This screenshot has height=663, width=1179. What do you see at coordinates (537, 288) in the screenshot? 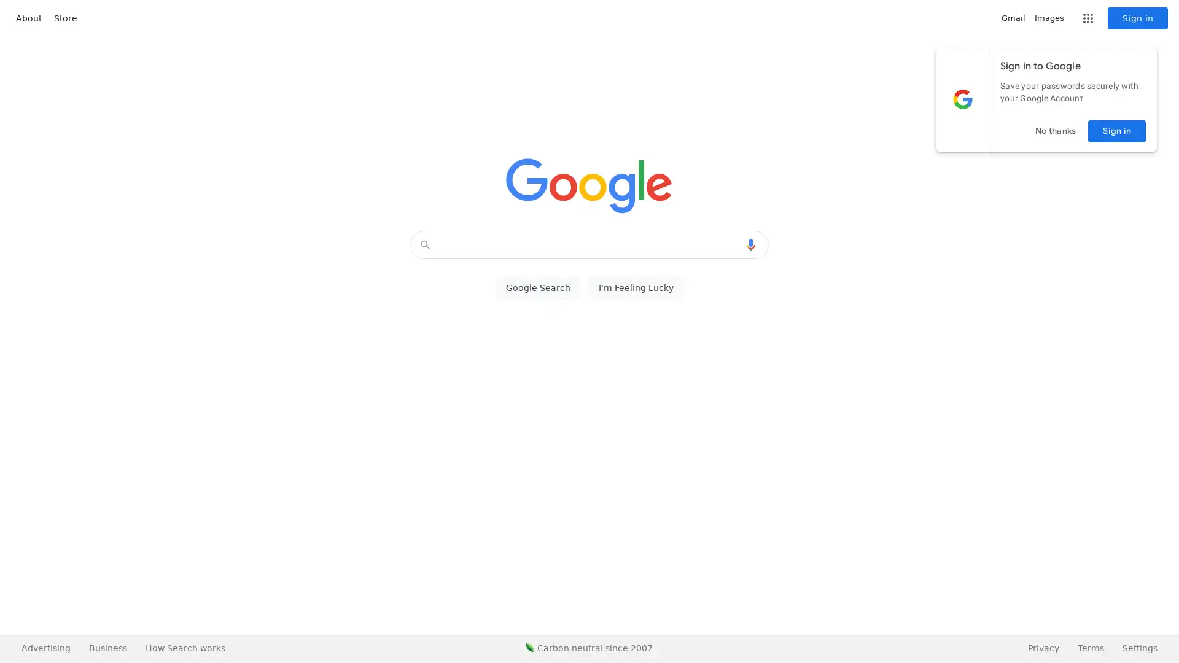
I see `Google Search` at bounding box center [537, 288].